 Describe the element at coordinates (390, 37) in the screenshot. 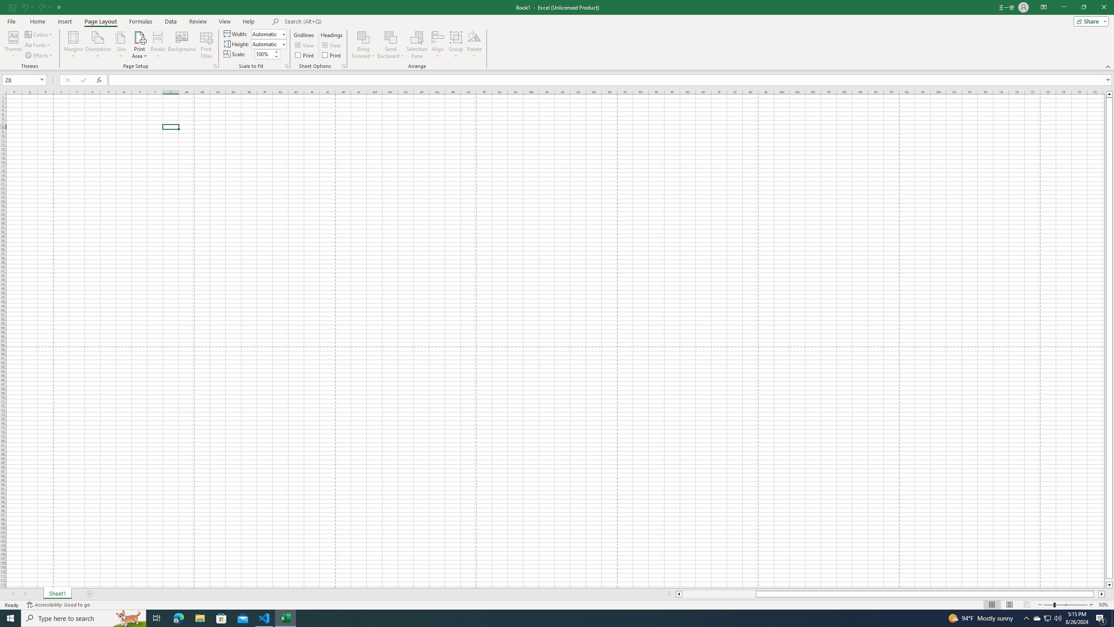

I see `'Send Backward'` at that location.